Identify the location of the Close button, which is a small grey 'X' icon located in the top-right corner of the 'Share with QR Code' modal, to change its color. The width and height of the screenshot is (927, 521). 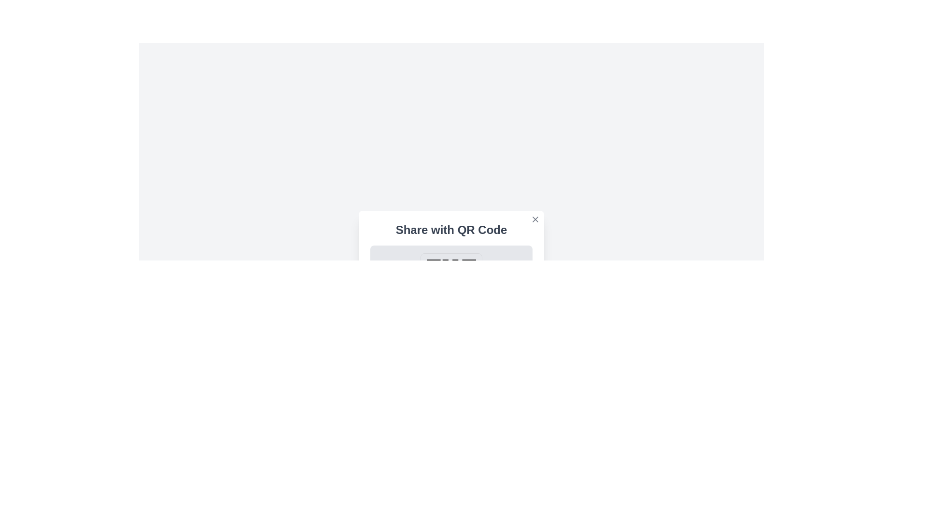
(534, 219).